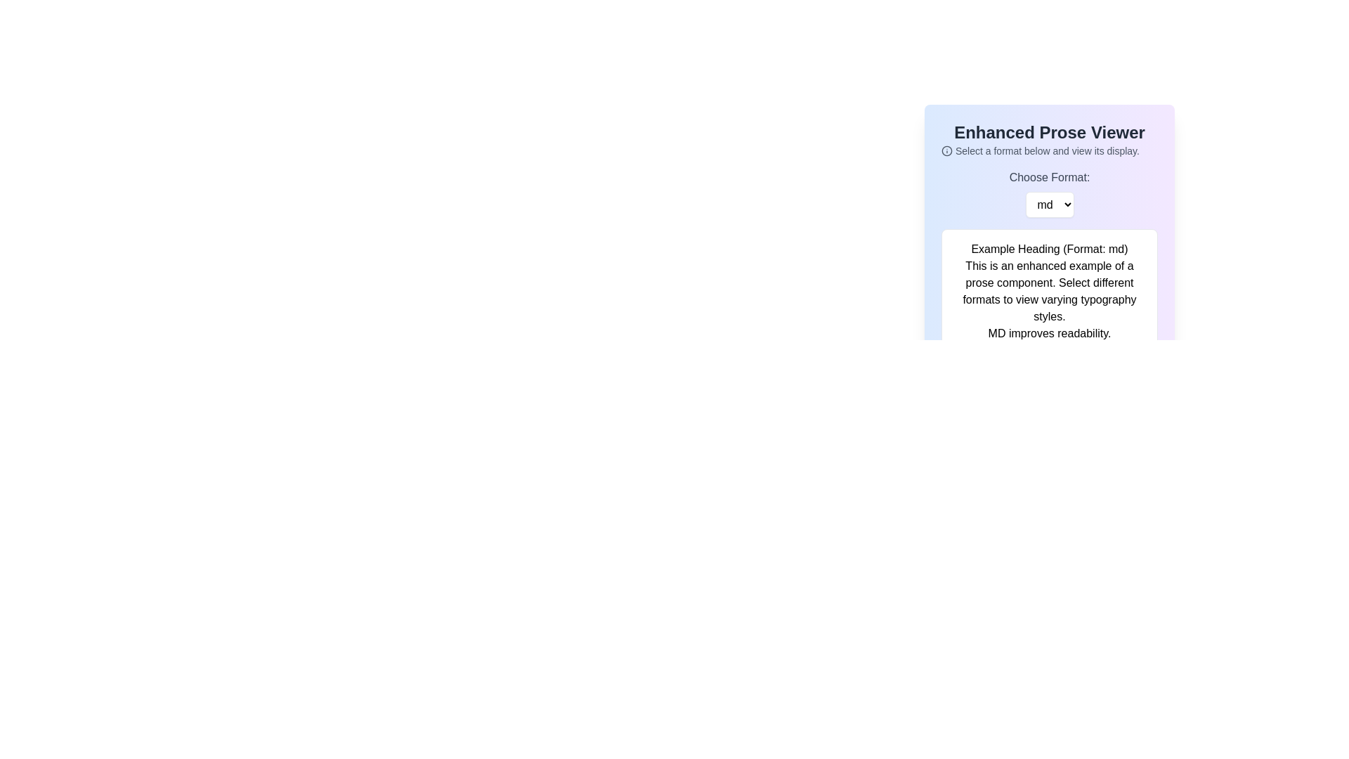 The width and height of the screenshot is (1349, 759). Describe the element at coordinates (1049, 248) in the screenshot. I see `the text content of the Heading element located at the top of the card, which serves as the title for the content below` at that location.